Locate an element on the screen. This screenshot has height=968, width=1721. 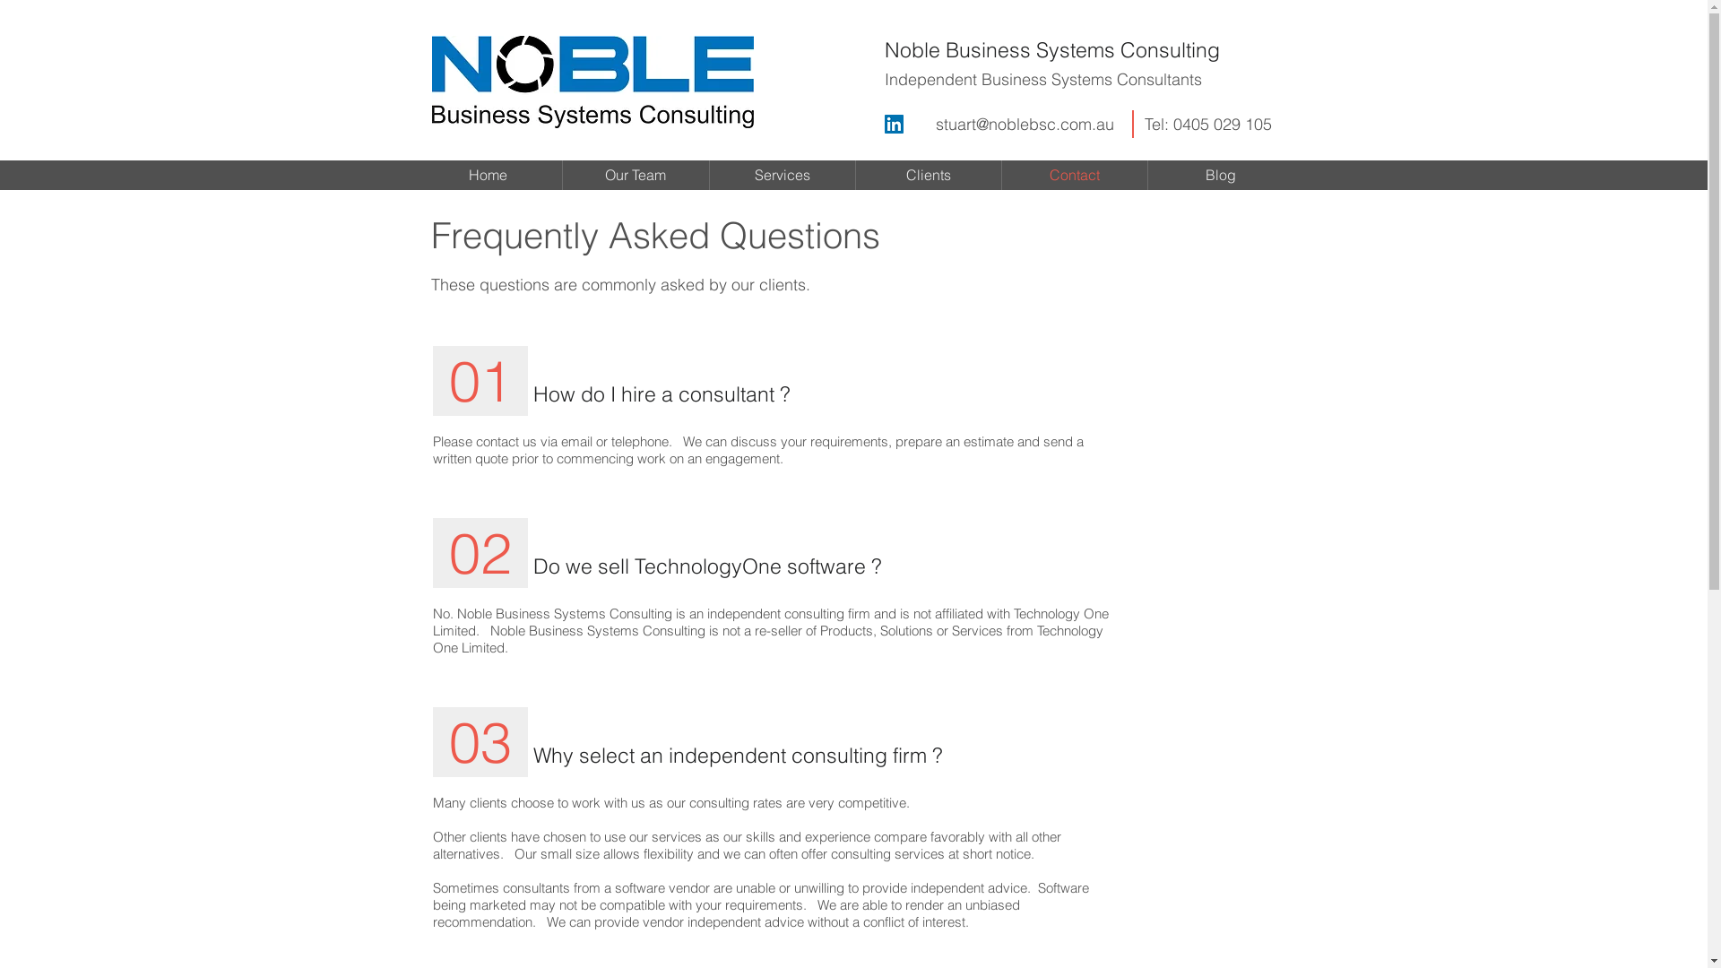
'Contact' is located at coordinates (1075, 175).